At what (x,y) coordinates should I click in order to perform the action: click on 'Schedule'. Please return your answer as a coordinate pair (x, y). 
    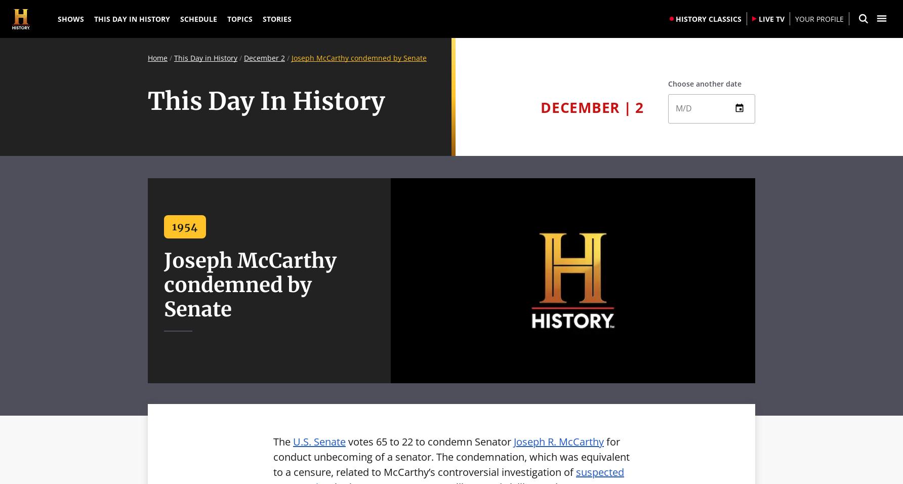
    Looking at the image, I should click on (198, 18).